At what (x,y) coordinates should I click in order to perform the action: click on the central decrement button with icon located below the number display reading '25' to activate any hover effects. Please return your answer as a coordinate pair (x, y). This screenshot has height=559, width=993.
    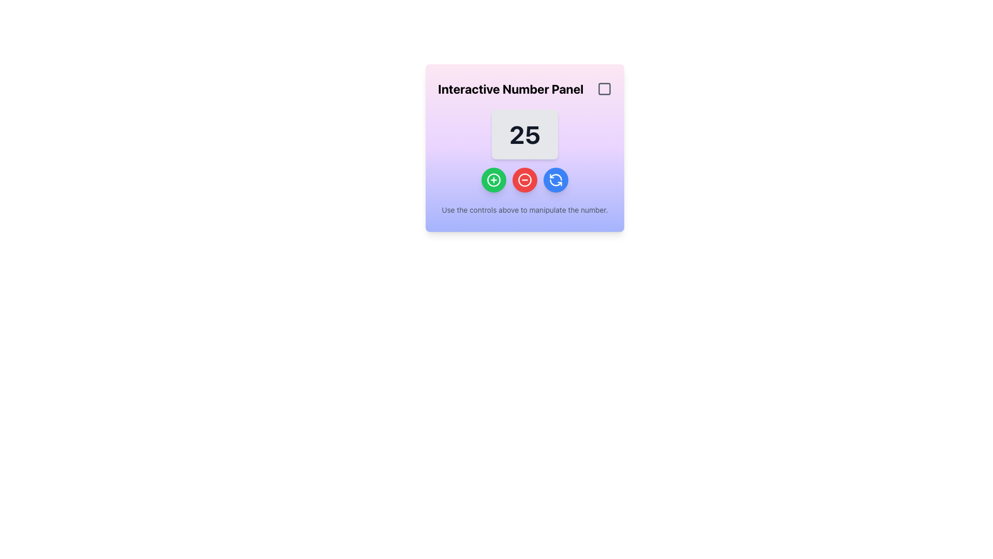
    Looking at the image, I should click on (524, 179).